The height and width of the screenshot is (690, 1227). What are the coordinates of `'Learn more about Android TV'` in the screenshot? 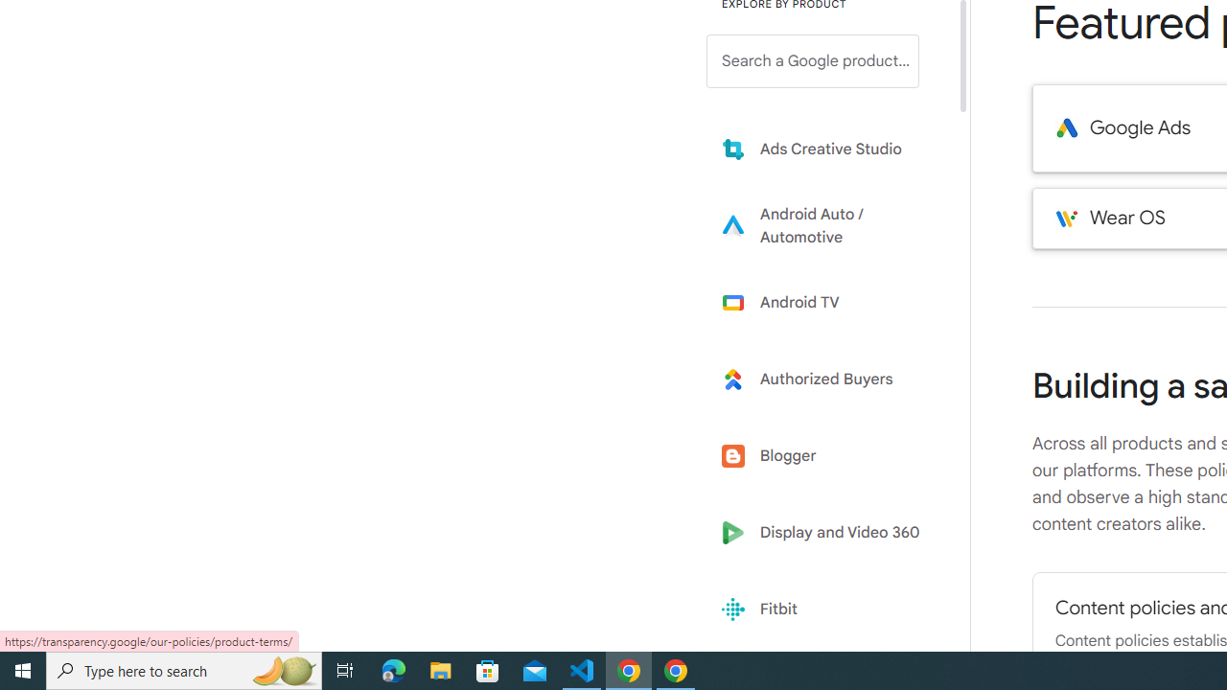 It's located at (826, 302).